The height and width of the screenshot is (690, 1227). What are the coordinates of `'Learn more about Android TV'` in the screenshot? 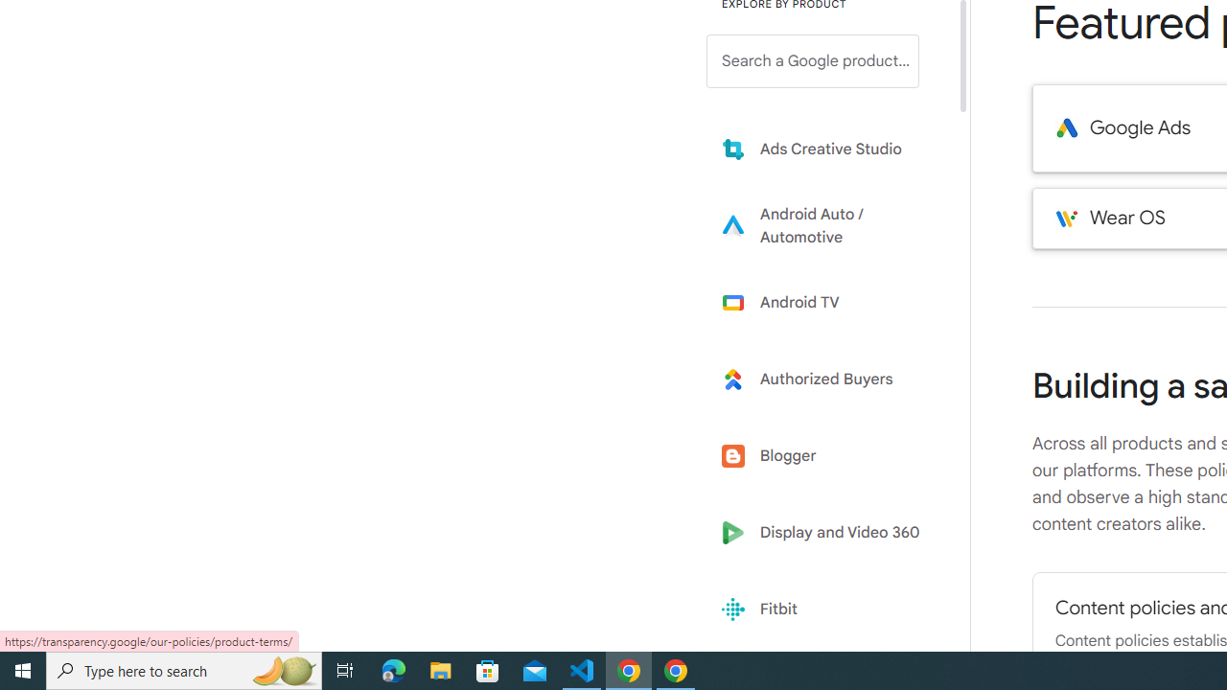 It's located at (826, 302).